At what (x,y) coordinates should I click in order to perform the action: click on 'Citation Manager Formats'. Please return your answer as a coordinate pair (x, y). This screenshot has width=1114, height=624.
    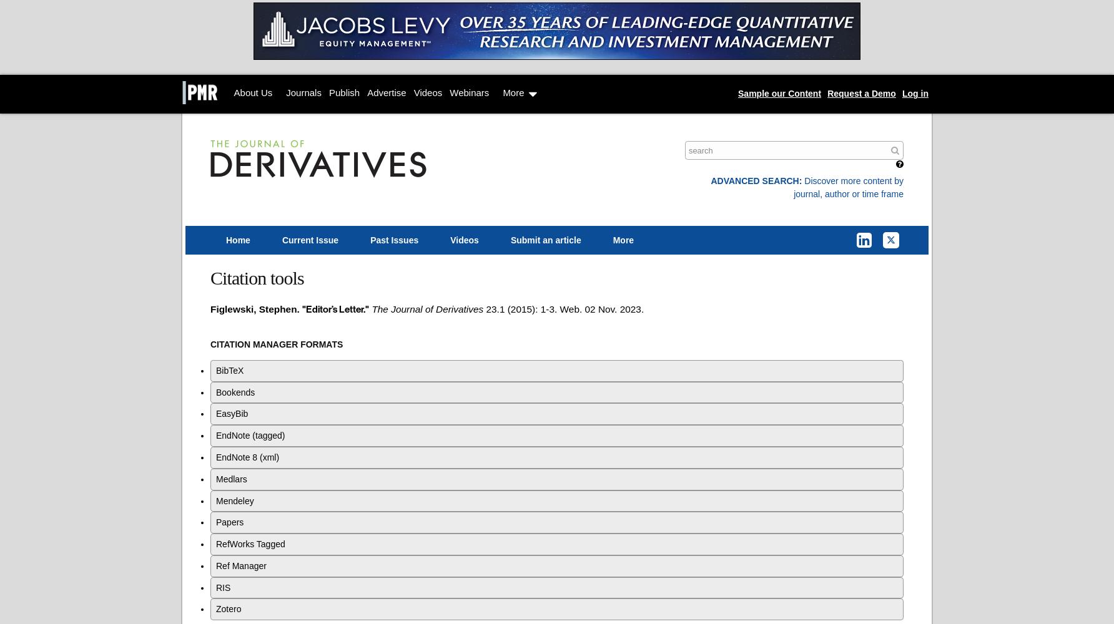
    Looking at the image, I should click on (275, 344).